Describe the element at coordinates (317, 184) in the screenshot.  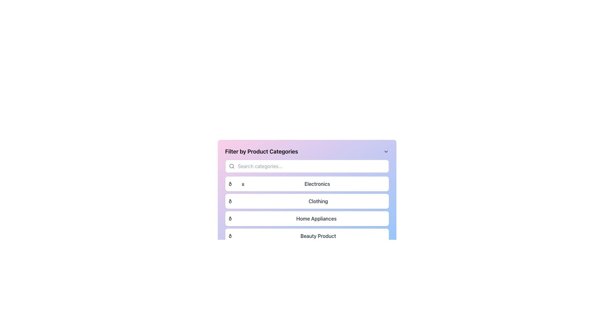
I see `on the 'Electronics' category text in the category row` at that location.